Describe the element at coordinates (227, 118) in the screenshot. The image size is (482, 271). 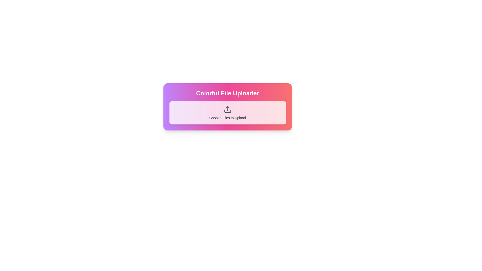
I see `the text label that says 'Choose Files to Upload', which is styled with a small font size and gray color, located below the upload icon` at that location.